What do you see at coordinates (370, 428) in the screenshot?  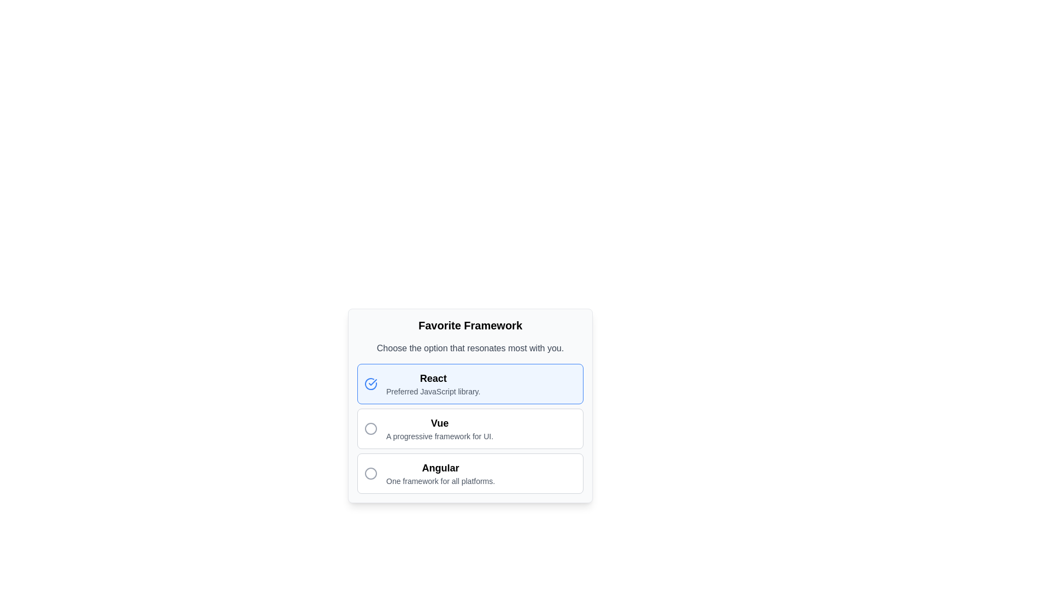 I see `the circular icon representing the unselected option for 'Vue' in the multi-choice survey` at bounding box center [370, 428].